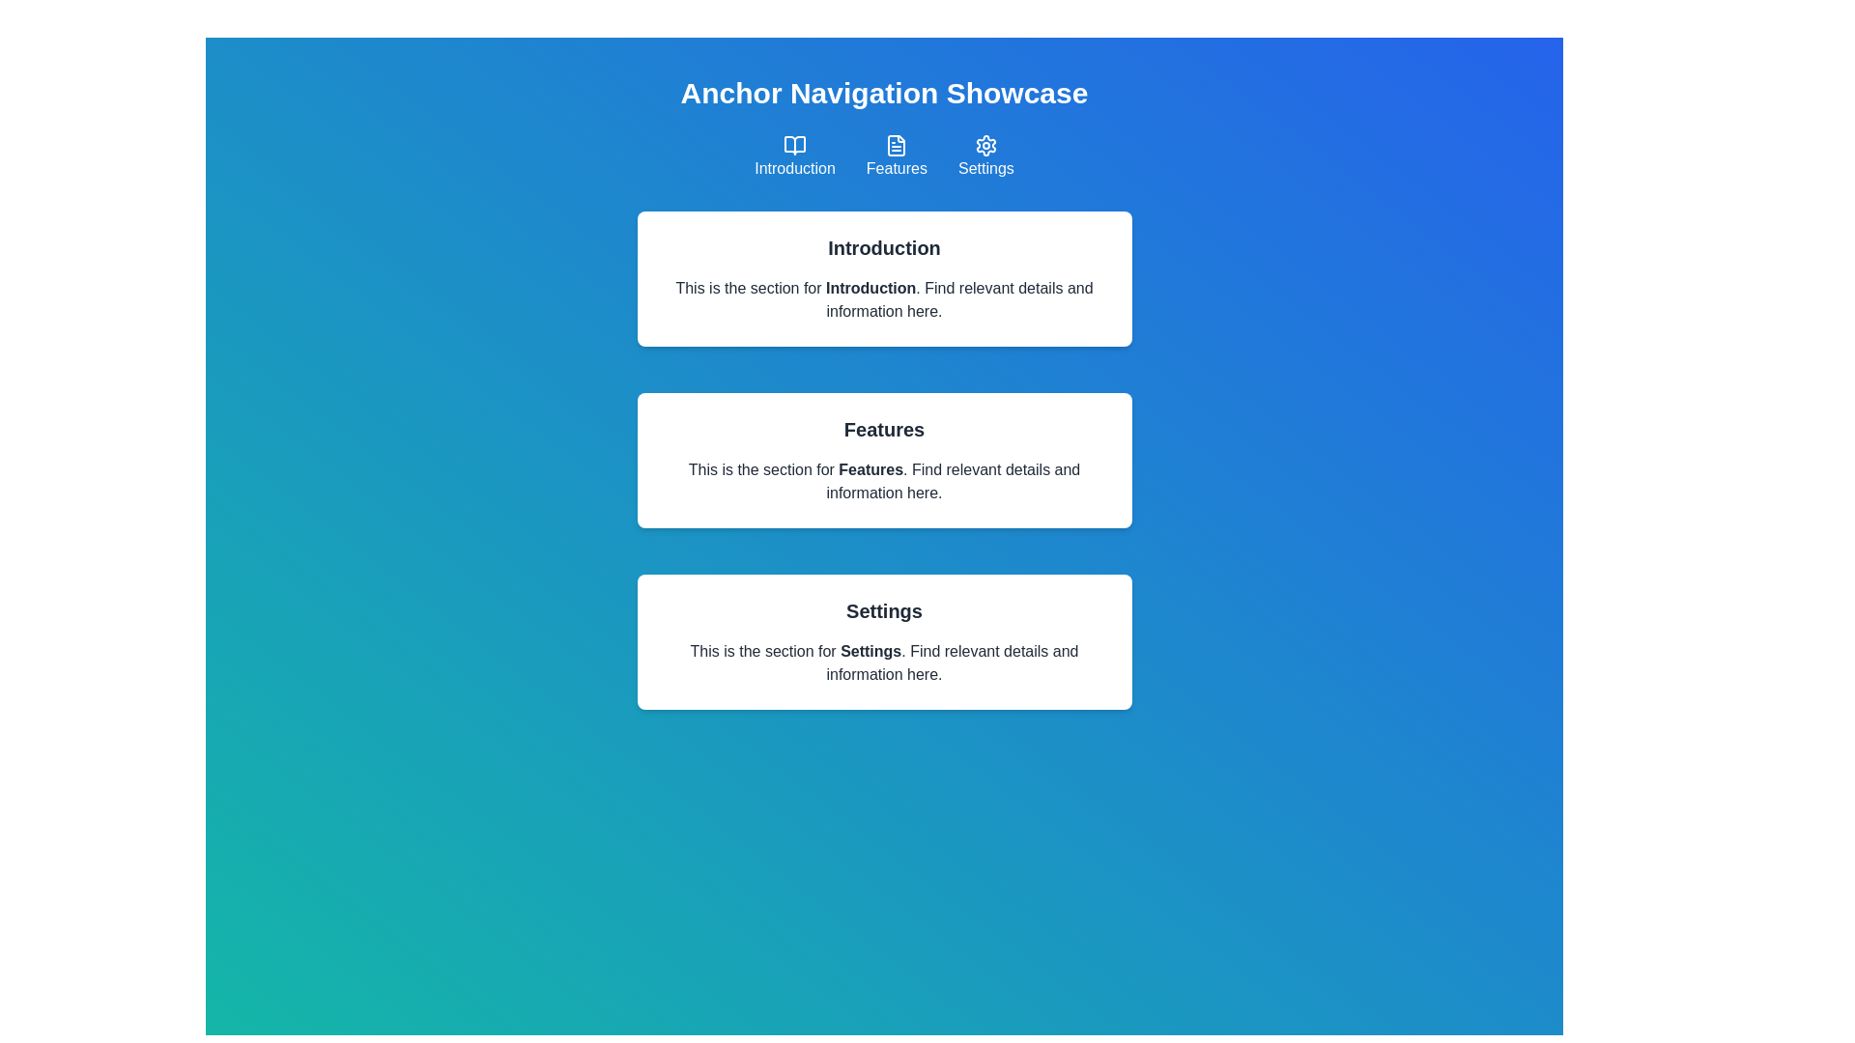 The width and height of the screenshot is (1855, 1043). Describe the element at coordinates (870, 469) in the screenshot. I see `the text label that denotes the title of the second card in a vertically-aligned list, which is centrally positioned within its card` at that location.